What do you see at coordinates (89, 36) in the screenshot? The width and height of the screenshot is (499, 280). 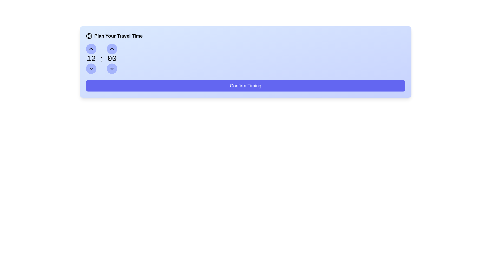 I see `the globe icon located to the far left of the header area under the label 'Plan Your Travel Time.'` at bounding box center [89, 36].